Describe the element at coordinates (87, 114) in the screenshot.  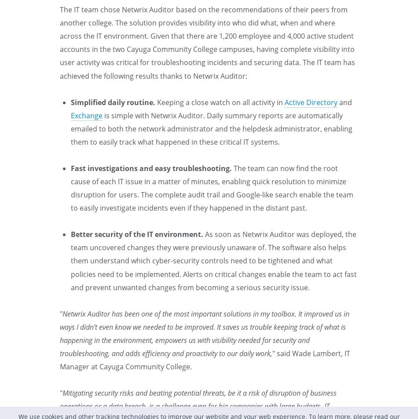
I see `'Exchange'` at that location.